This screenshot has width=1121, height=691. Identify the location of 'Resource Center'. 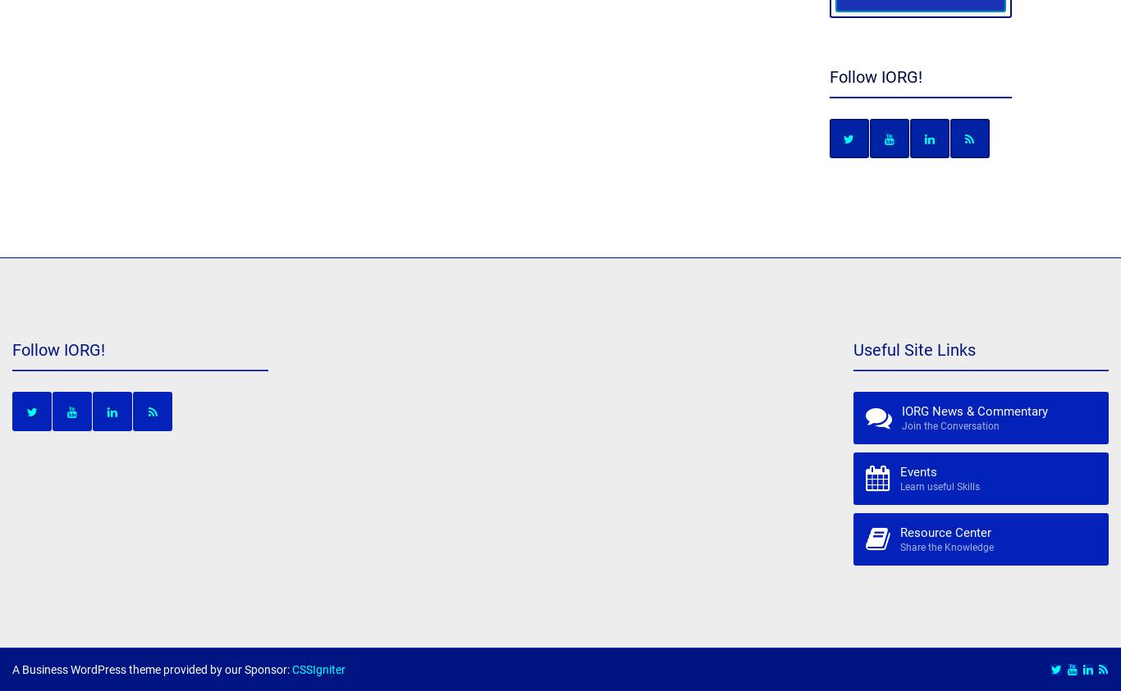
(945, 531).